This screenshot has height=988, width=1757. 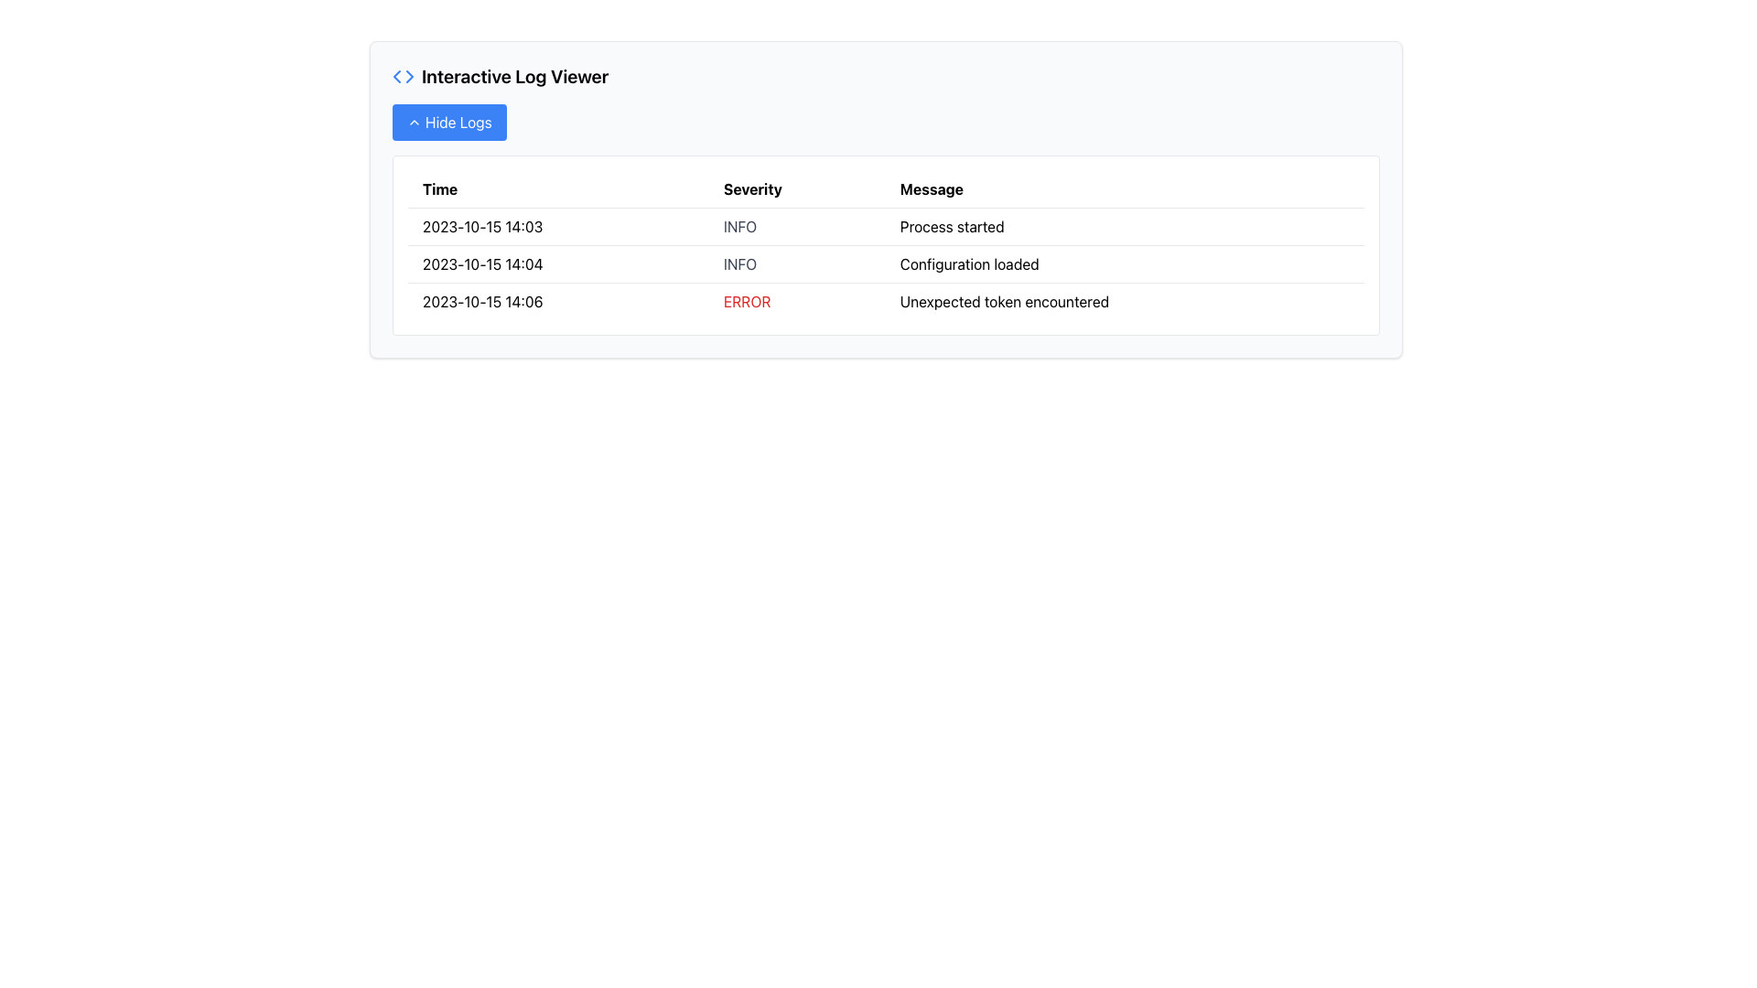 I want to click on the upward-pointing chevron icon with a blue background, located to the left of the 'Hide Logs' text, so click(x=413, y=123).